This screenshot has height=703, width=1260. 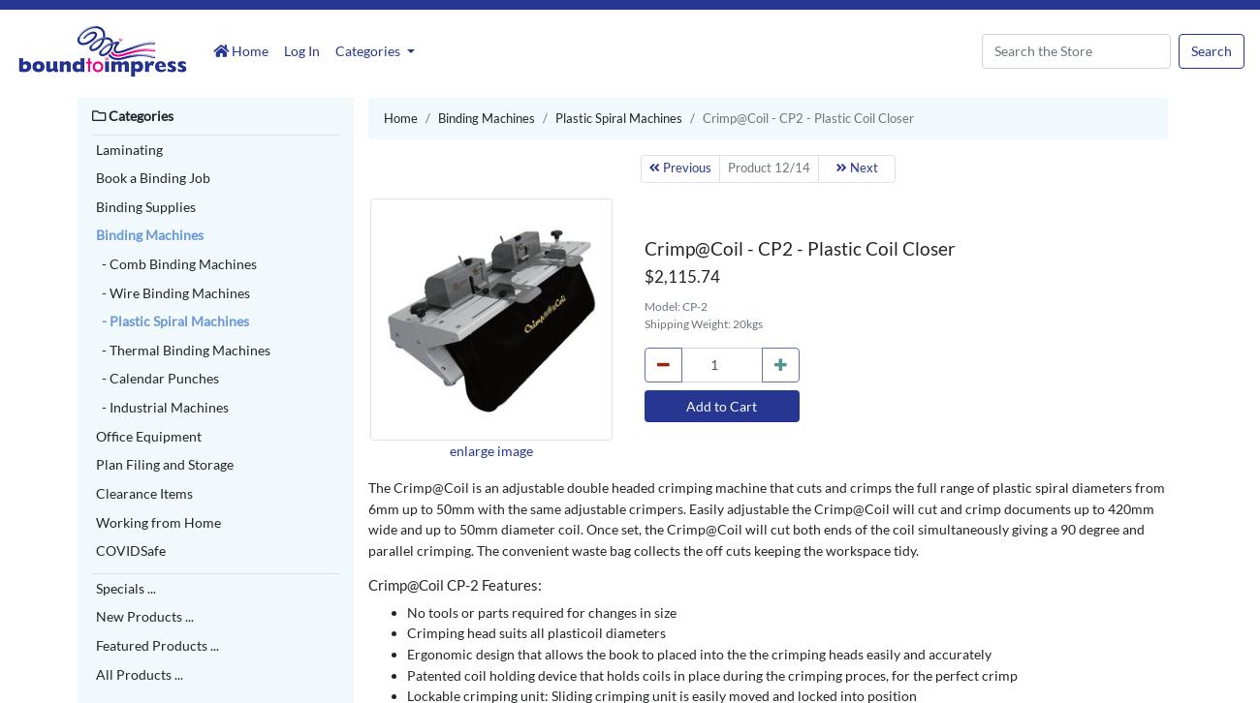 What do you see at coordinates (129, 549) in the screenshot?
I see `'COVIDSafe'` at bounding box center [129, 549].